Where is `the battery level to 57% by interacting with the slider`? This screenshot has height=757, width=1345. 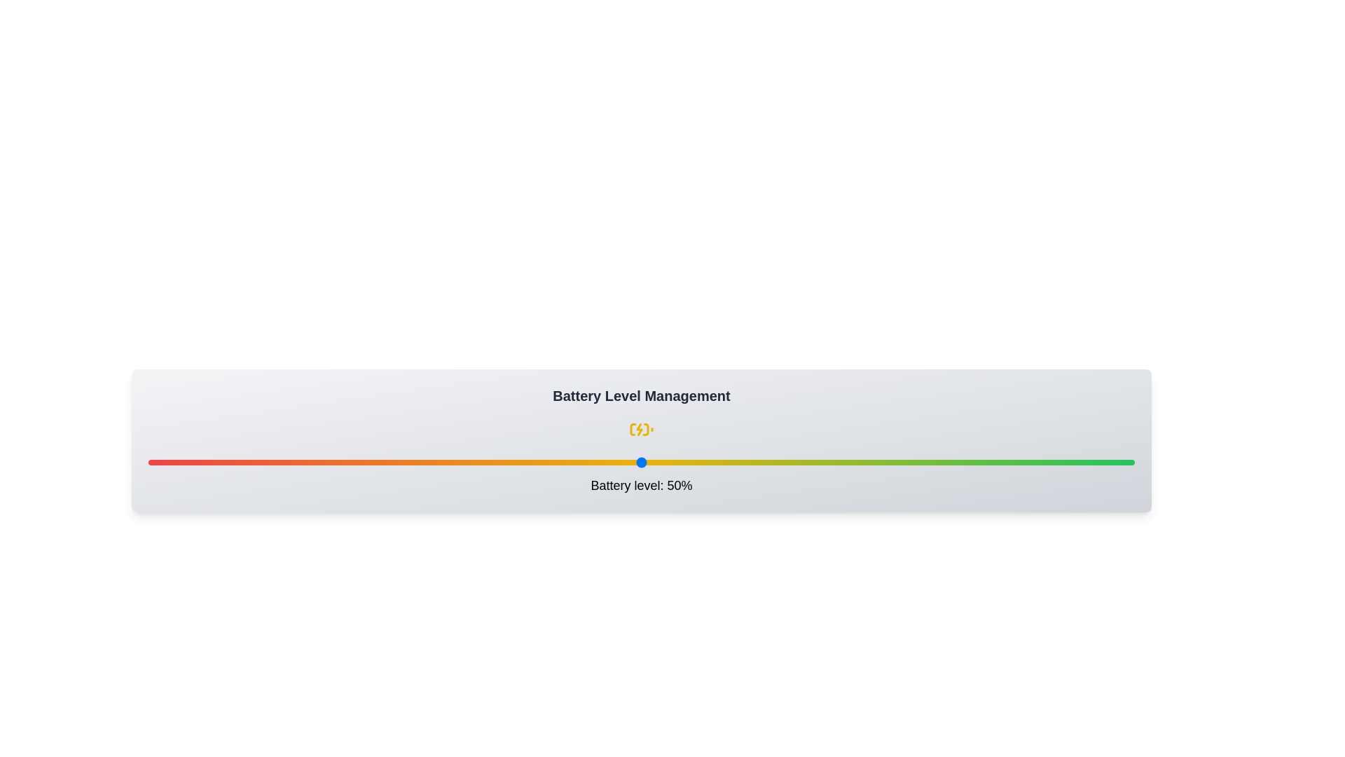 the battery level to 57% by interacting with the slider is located at coordinates (710, 462).